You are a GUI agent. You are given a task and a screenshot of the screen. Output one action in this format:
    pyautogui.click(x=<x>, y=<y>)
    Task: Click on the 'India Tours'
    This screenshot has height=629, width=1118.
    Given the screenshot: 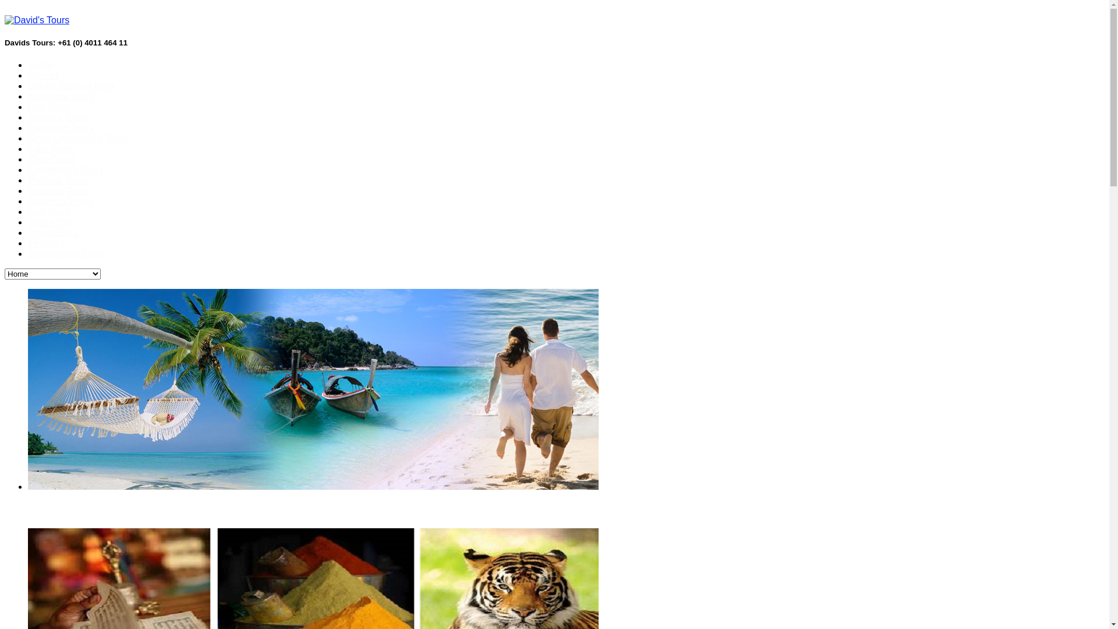 What is the action you would take?
    pyautogui.click(x=28, y=148)
    